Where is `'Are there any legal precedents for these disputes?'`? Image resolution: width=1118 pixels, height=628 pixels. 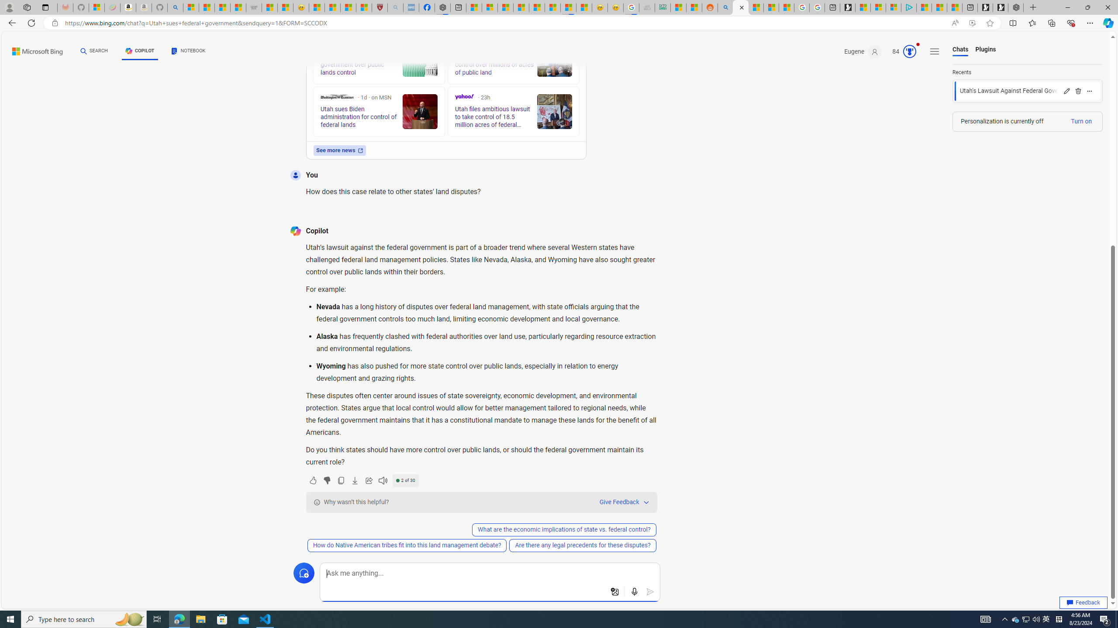 'Are there any legal precedents for these disputes?' is located at coordinates (582, 545).